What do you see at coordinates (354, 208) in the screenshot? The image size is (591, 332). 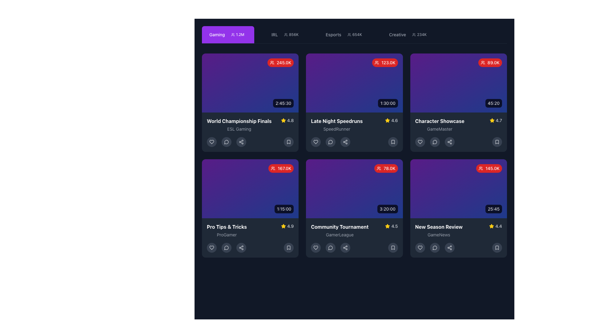 I see `the Interactive card in the second row, second column of the grid layout` at bounding box center [354, 208].